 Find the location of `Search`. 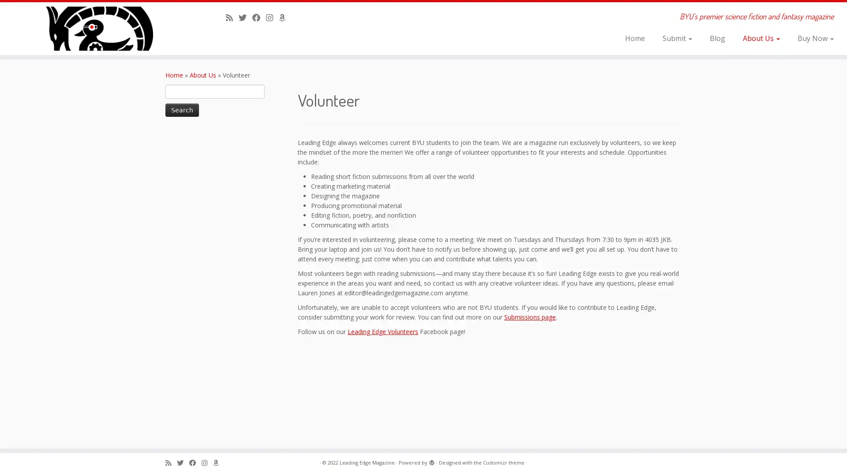

Search is located at coordinates (181, 110).